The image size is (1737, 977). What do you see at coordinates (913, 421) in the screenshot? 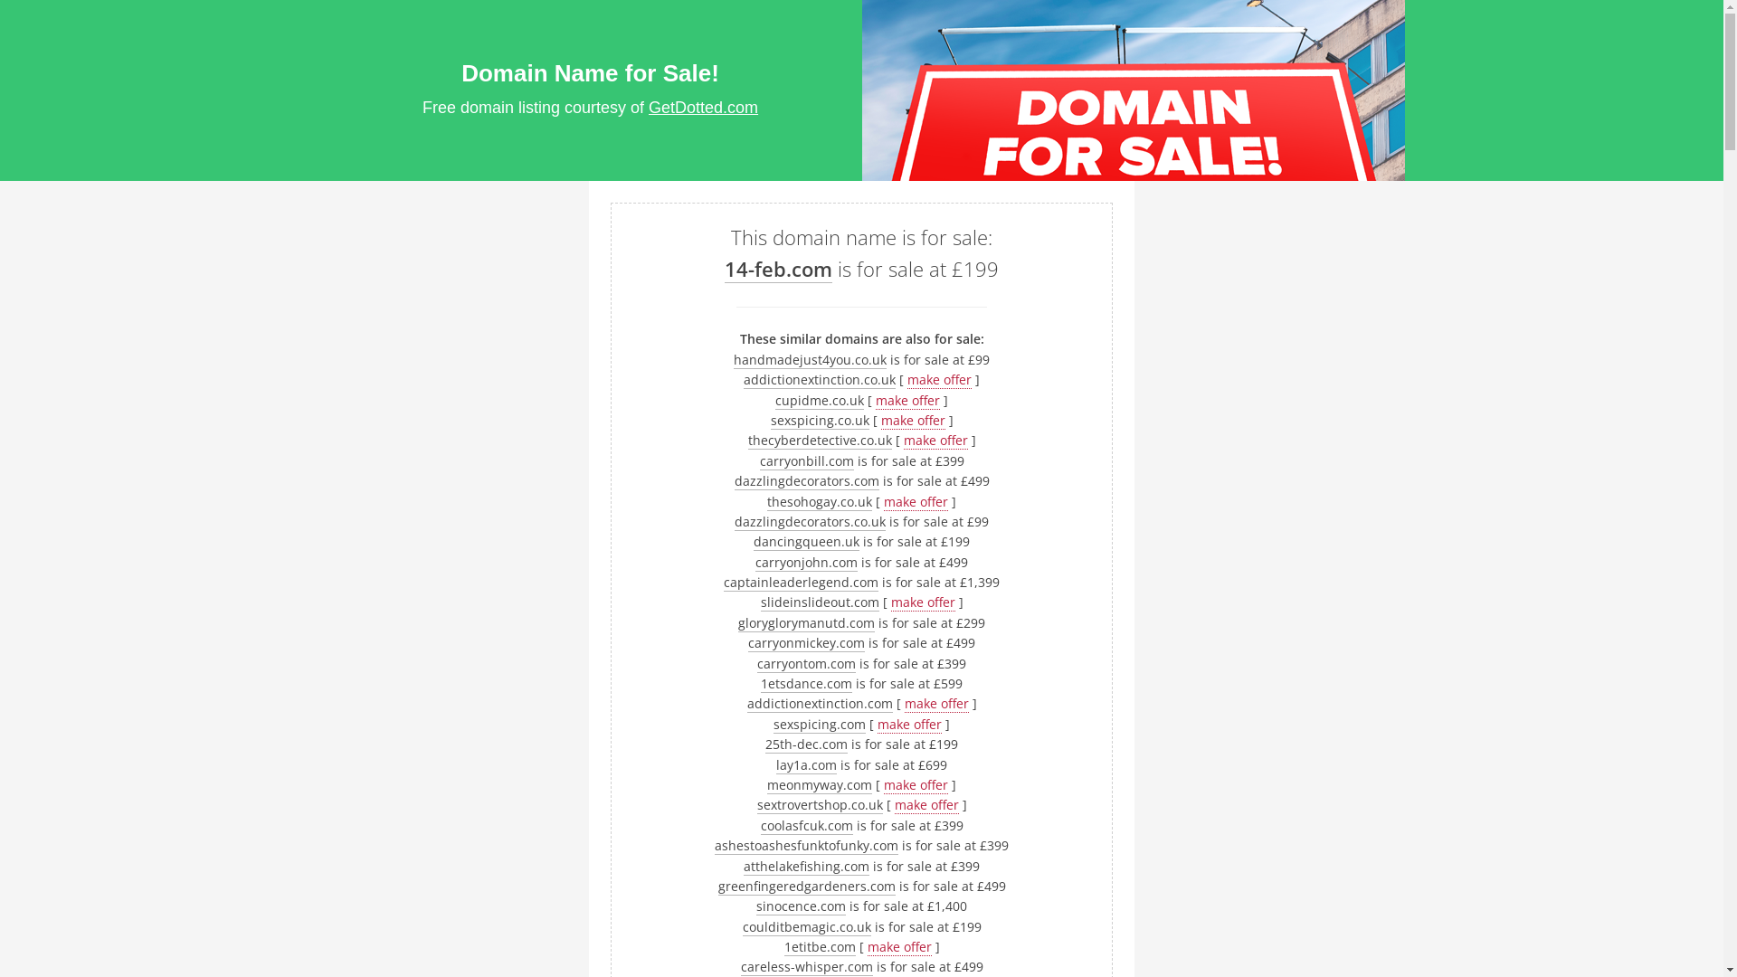
I see `'make offer'` at bounding box center [913, 421].